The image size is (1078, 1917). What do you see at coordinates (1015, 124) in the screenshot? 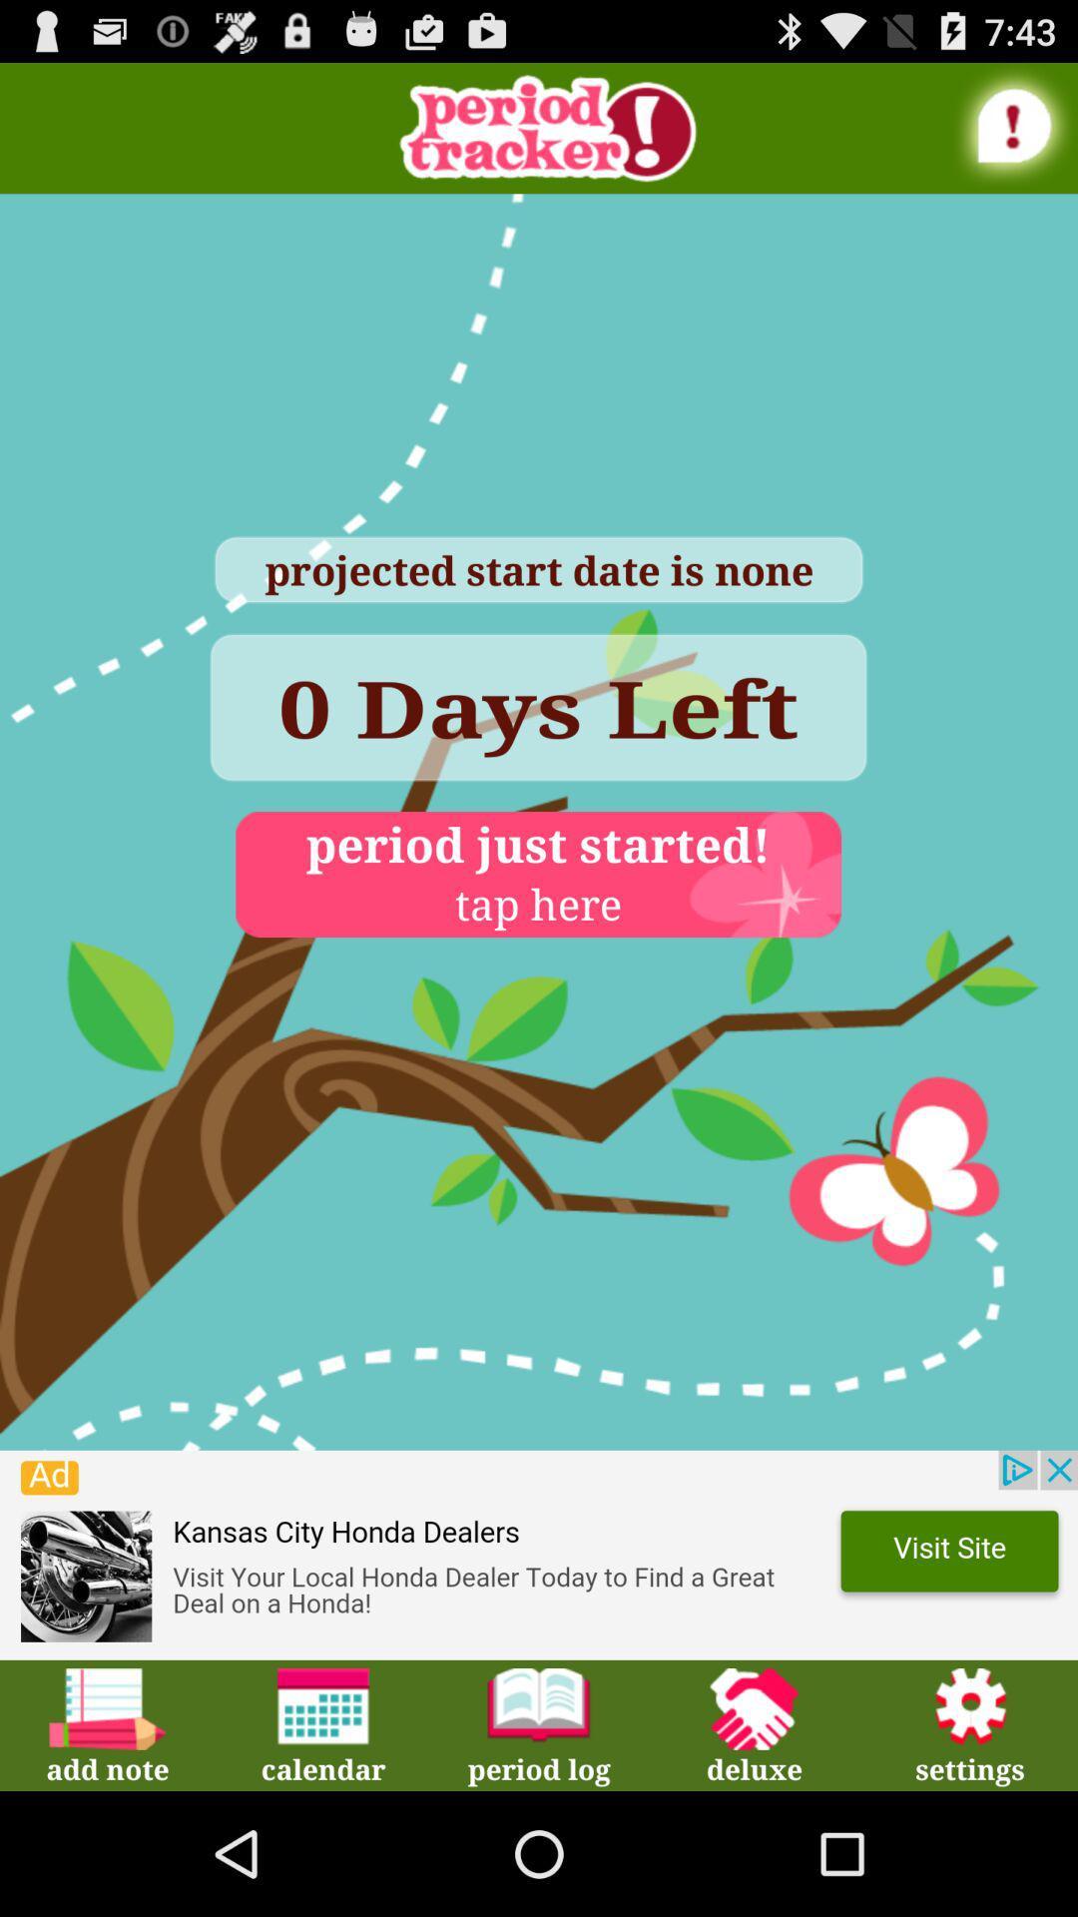
I see `see alert` at bounding box center [1015, 124].